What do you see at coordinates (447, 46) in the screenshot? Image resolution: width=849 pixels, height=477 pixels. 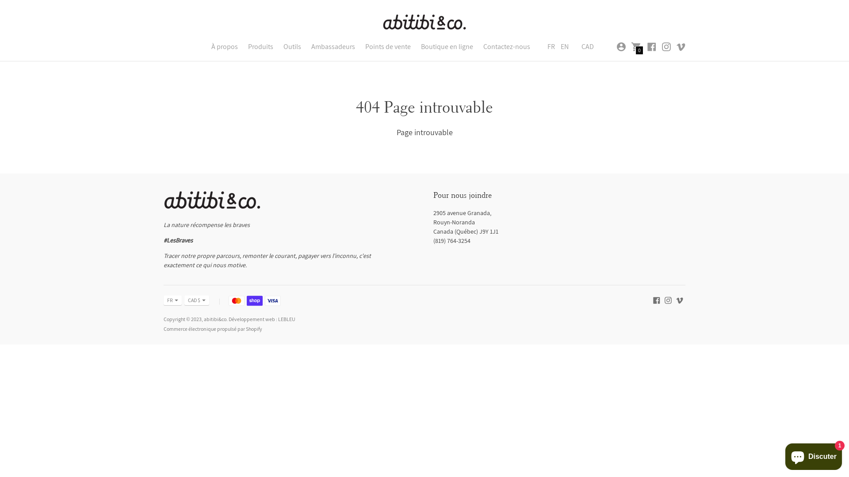 I see `'Boutique en ligne'` at bounding box center [447, 46].